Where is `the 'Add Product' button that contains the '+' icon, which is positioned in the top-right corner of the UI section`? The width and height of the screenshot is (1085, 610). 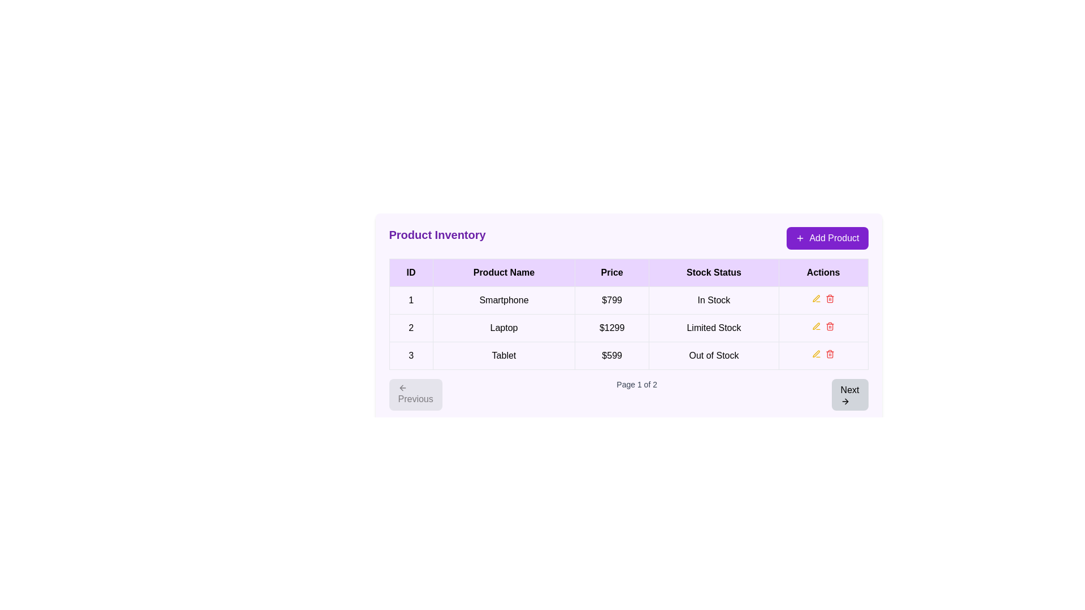
the 'Add Product' button that contains the '+' icon, which is positioned in the top-right corner of the UI section is located at coordinates (800, 237).